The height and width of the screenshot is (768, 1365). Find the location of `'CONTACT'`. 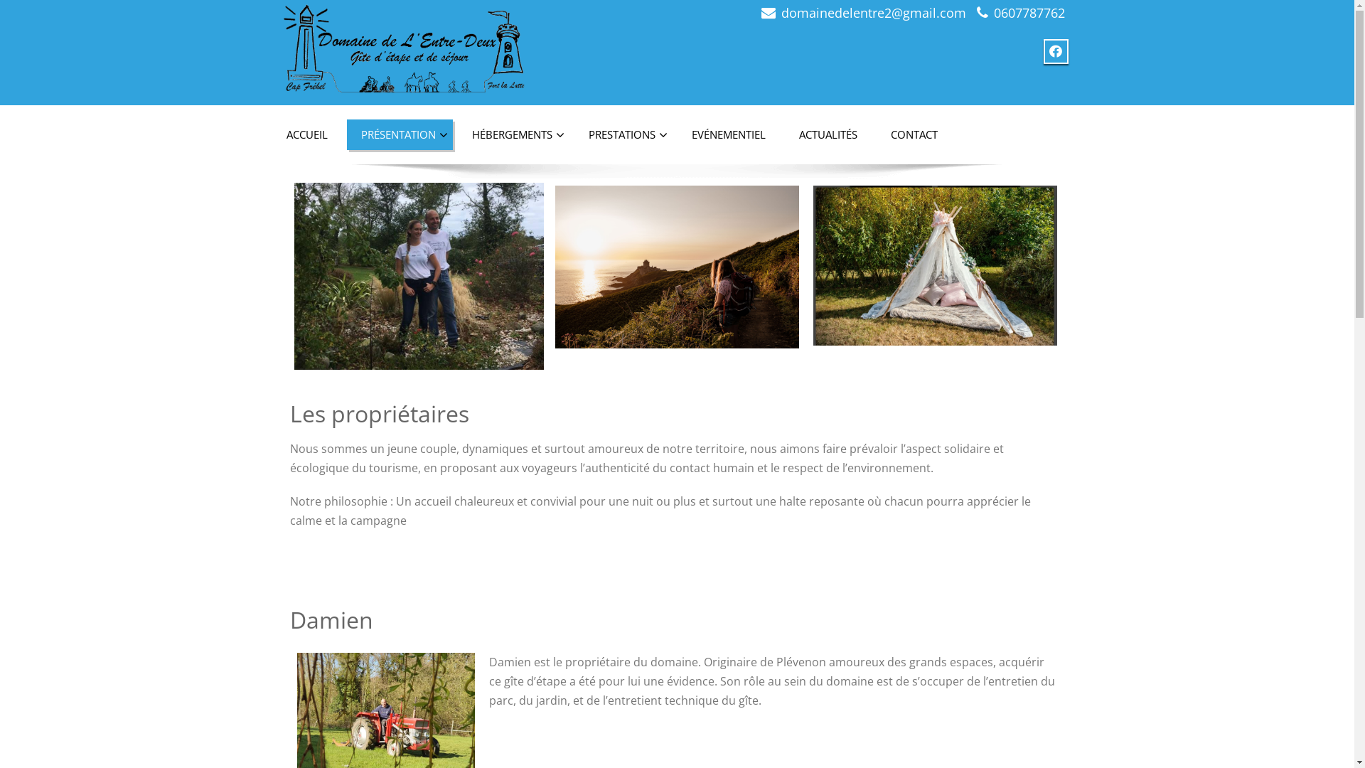

'CONTACT' is located at coordinates (914, 134).